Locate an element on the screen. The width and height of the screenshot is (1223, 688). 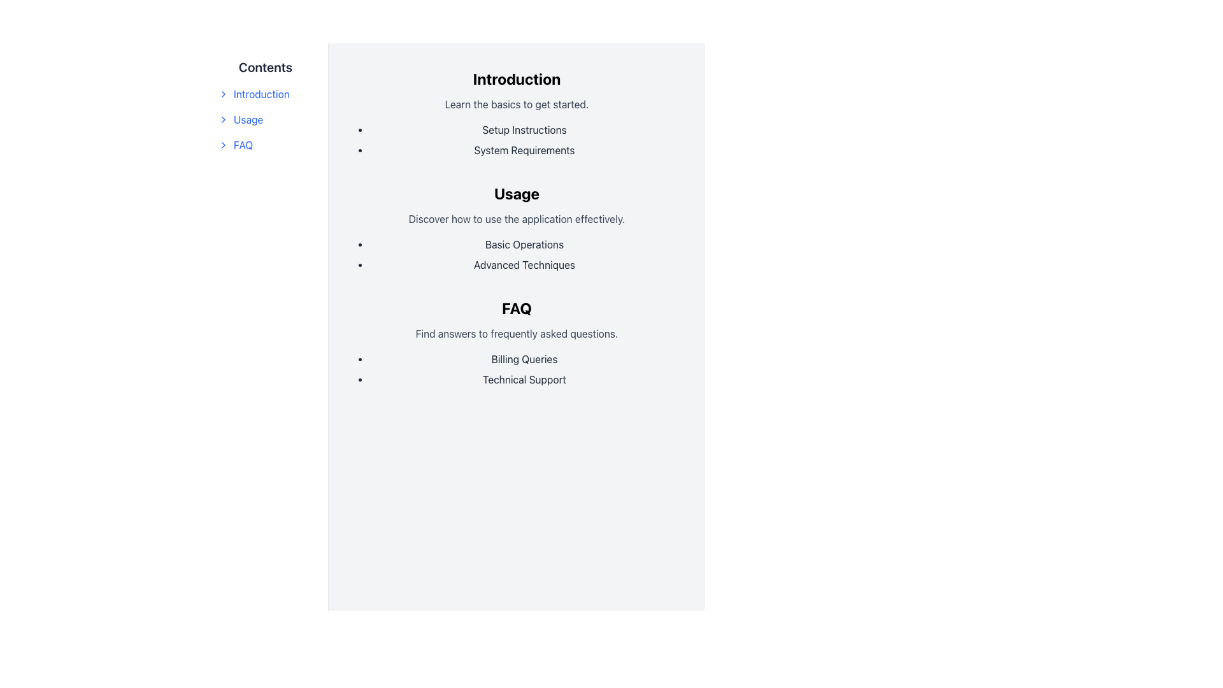
contents of the list containing 'Billing Queries' and 'Technical Support', located in the FAQ section beneath the text 'Find answers to frequently asked questions' is located at coordinates (517, 369).